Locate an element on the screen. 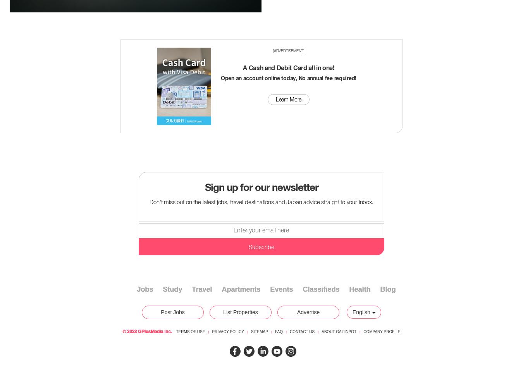  'TERMS OF USE' is located at coordinates (190, 332).